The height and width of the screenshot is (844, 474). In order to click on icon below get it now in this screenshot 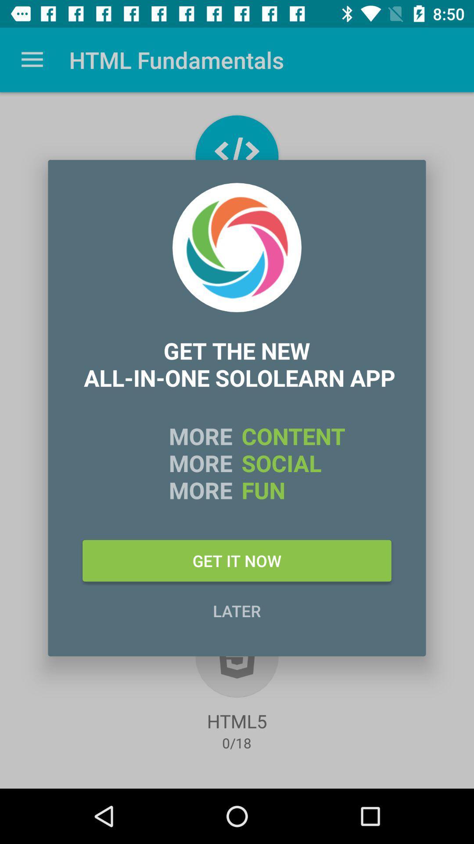, I will do `click(237, 610)`.